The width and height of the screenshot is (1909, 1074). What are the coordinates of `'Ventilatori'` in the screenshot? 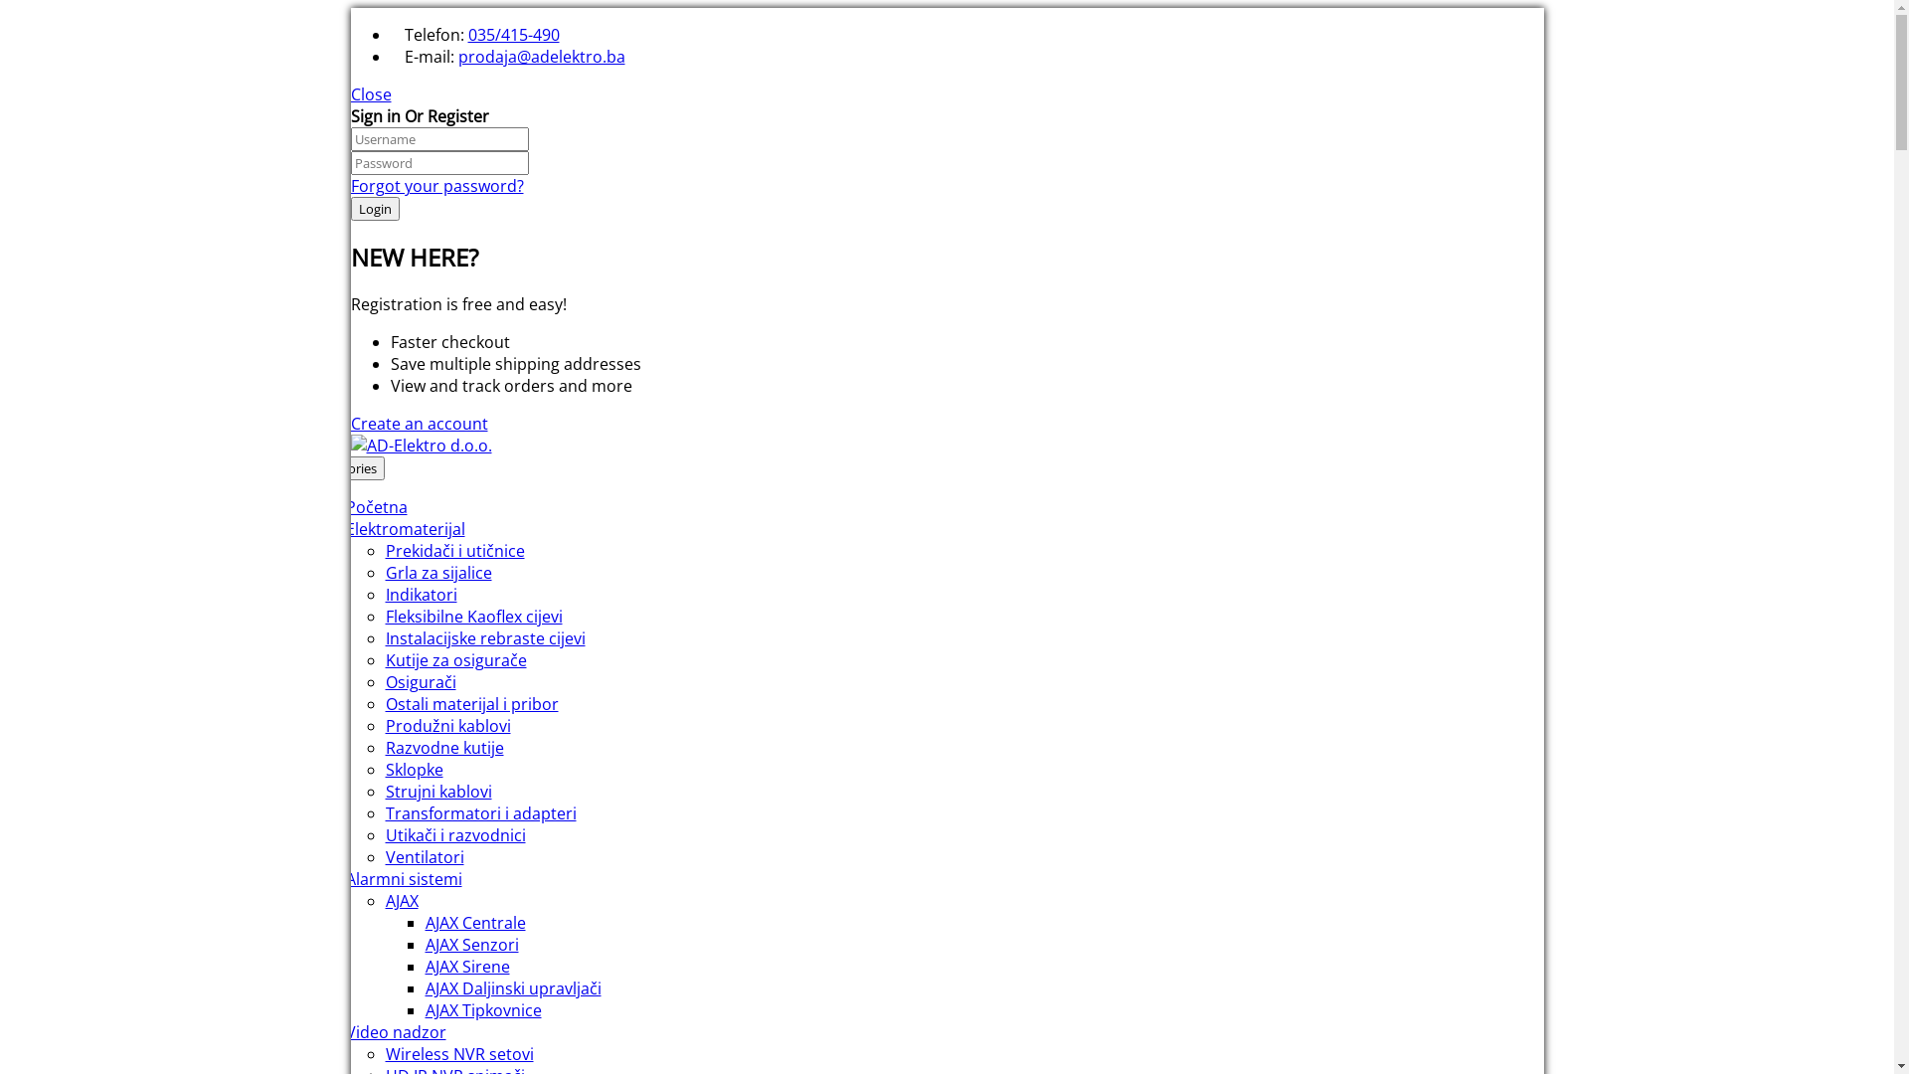 It's located at (424, 855).